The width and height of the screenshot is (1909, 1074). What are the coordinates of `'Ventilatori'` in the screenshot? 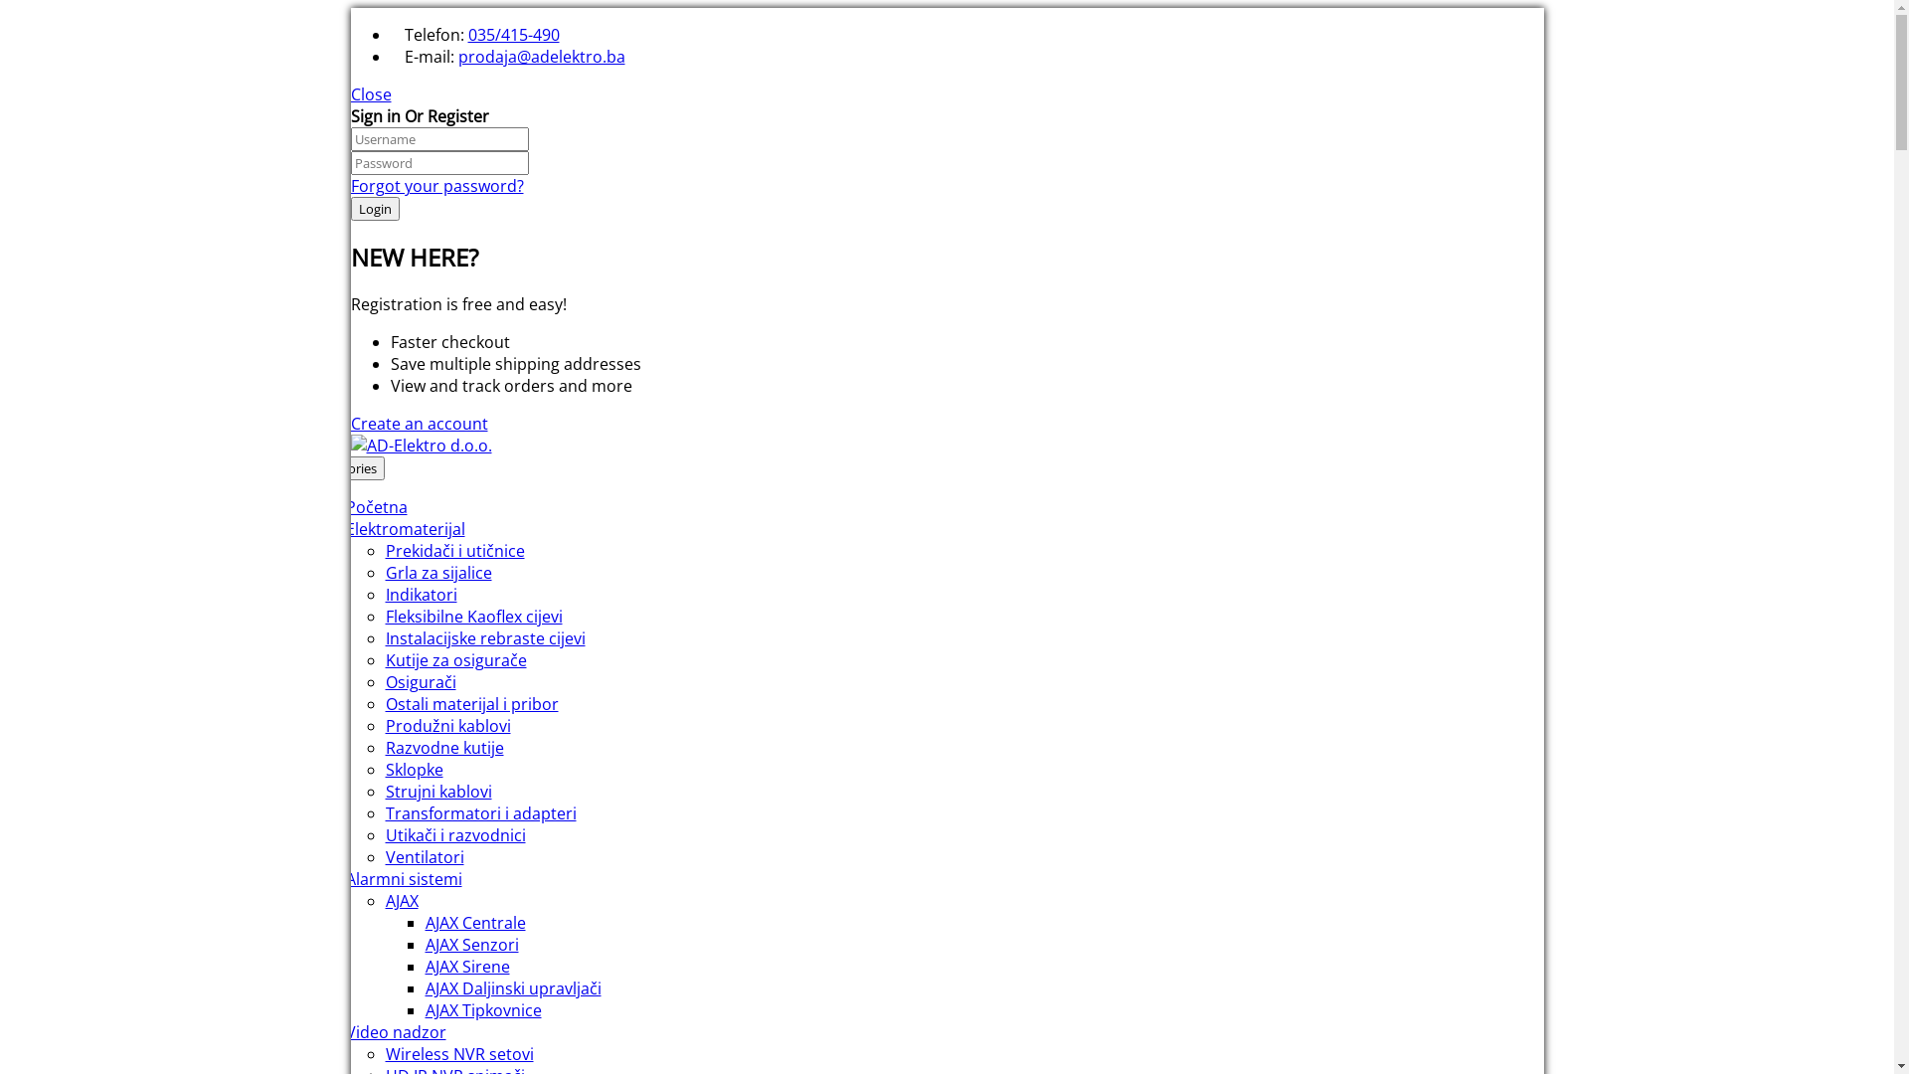 It's located at (424, 855).